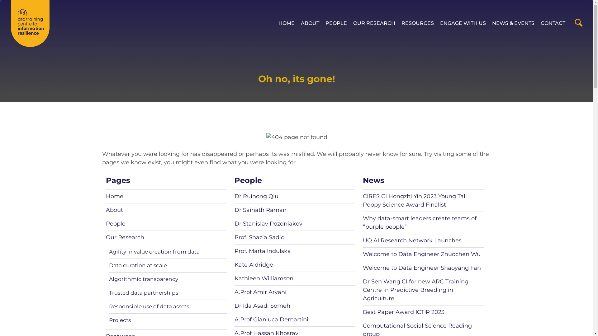  What do you see at coordinates (268, 223) in the screenshot?
I see `'Dr Stanislav Pozdniakov'` at bounding box center [268, 223].